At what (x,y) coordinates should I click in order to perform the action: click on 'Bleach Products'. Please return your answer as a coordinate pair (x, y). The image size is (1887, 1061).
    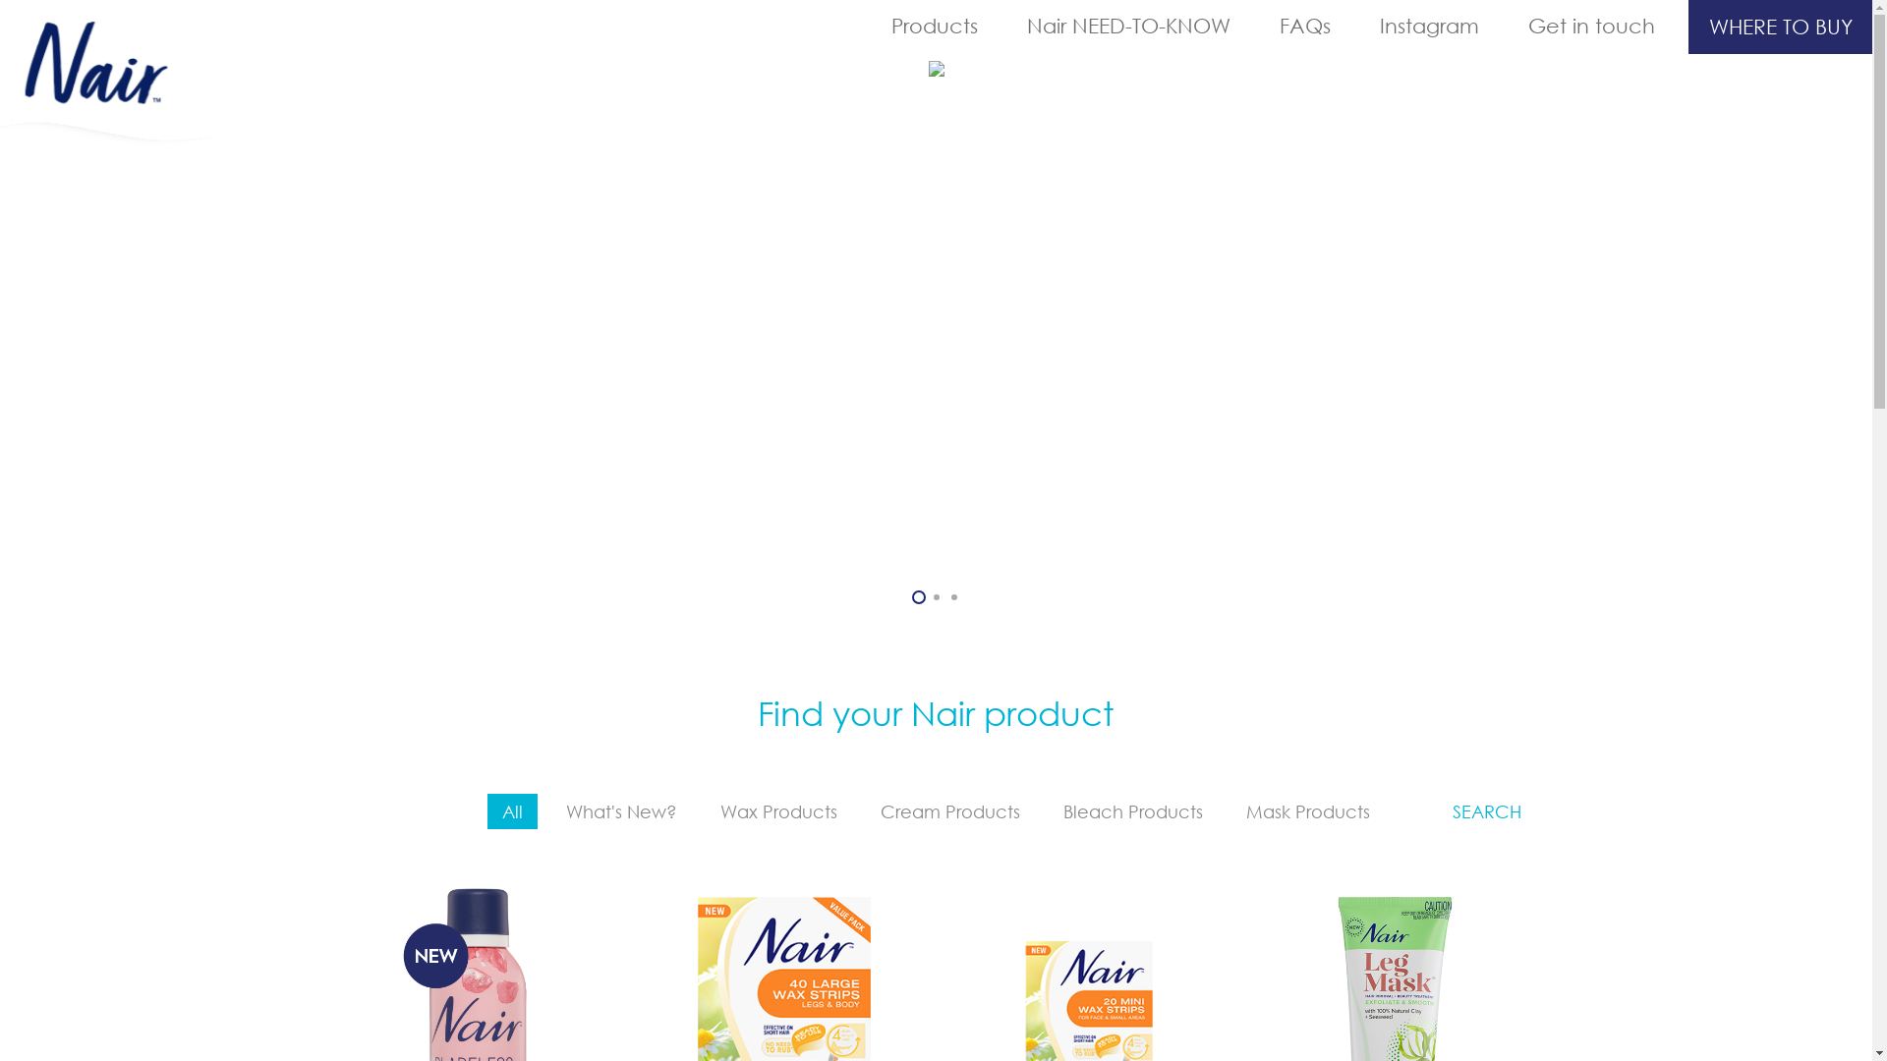
    Looking at the image, I should click on (1132, 810).